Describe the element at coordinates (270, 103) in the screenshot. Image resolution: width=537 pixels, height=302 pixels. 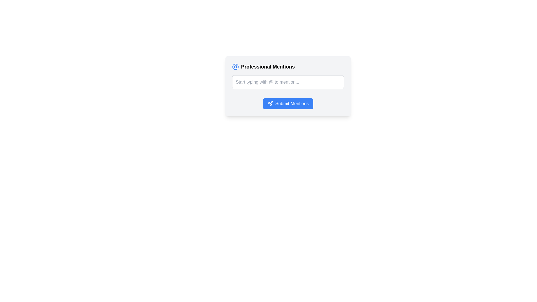
I see `the paper plane SVG icon located to the left of the 'Submit Mentions' button's label text for interaction` at that location.